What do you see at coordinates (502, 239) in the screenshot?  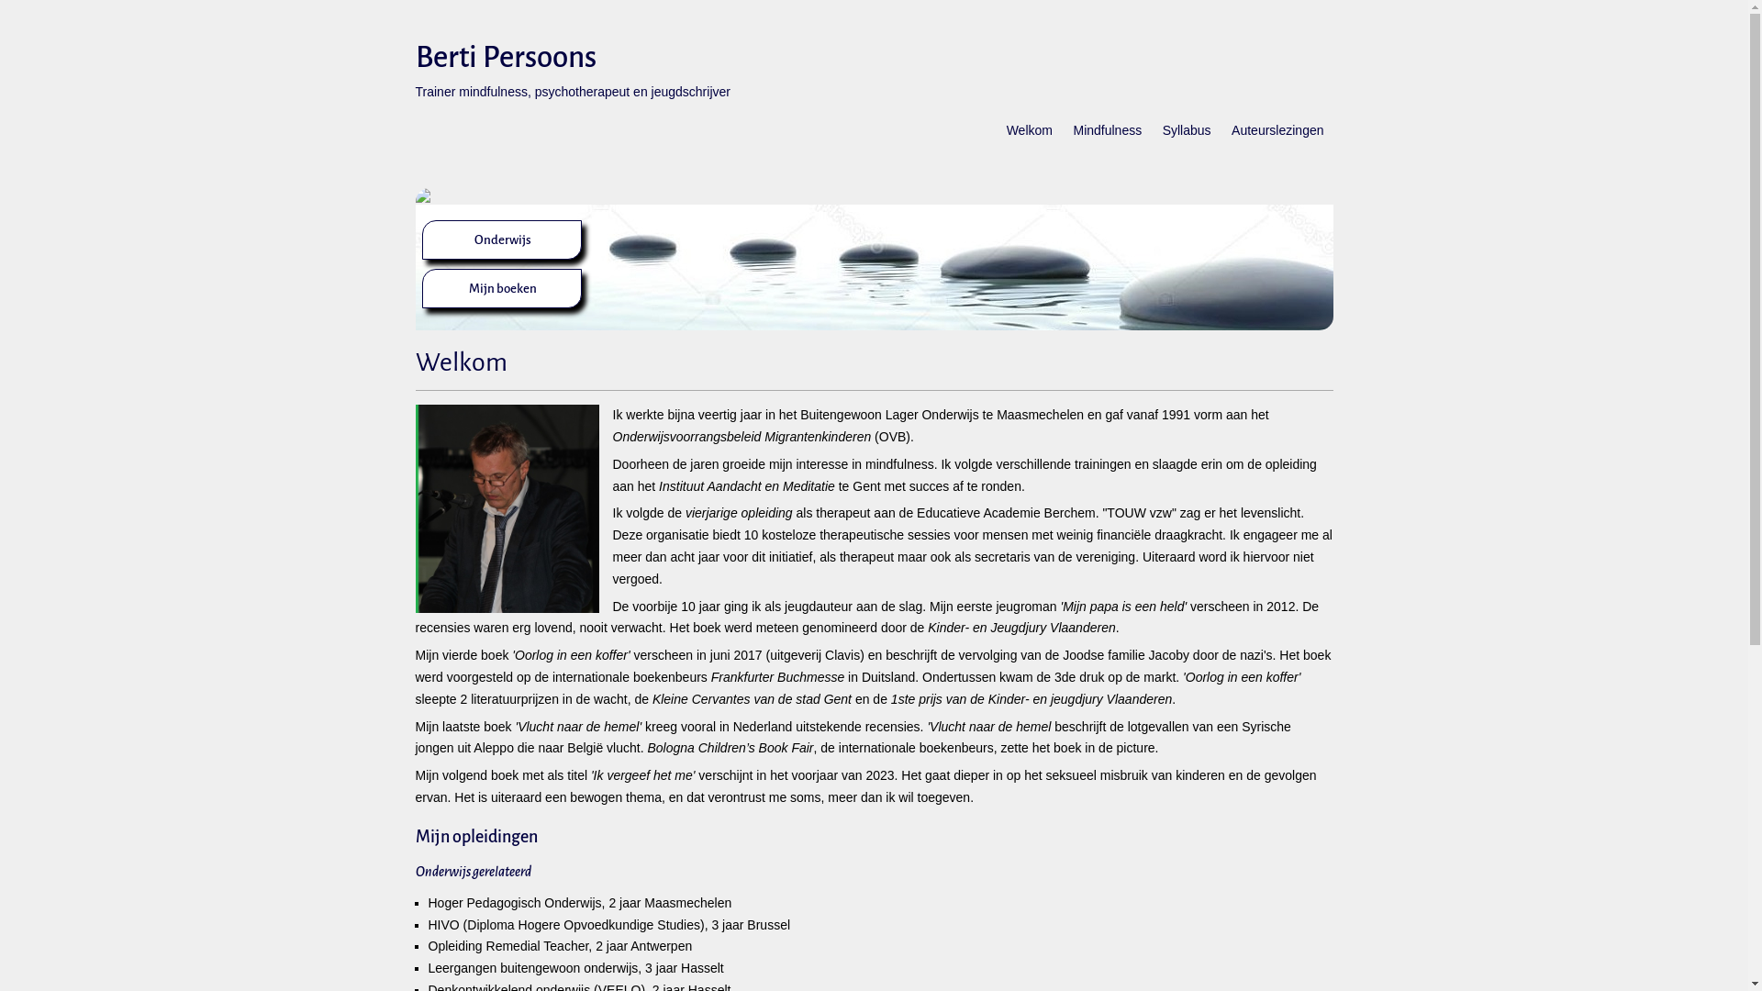 I see `'Onderwijs'` at bounding box center [502, 239].